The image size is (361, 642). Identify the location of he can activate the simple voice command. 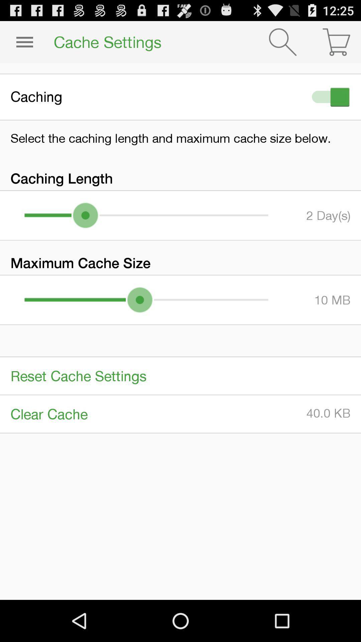
(329, 97).